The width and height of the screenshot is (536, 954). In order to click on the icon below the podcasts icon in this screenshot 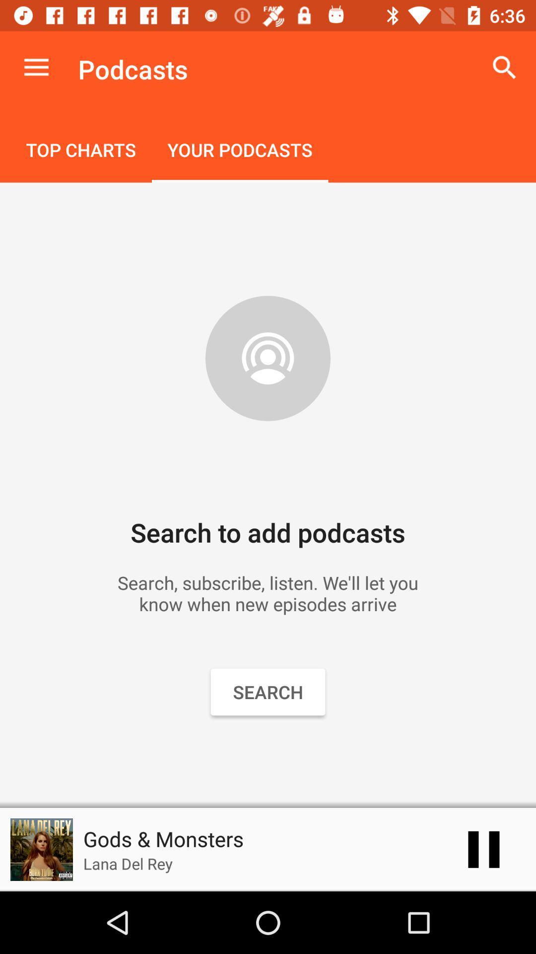, I will do `click(240, 151)`.